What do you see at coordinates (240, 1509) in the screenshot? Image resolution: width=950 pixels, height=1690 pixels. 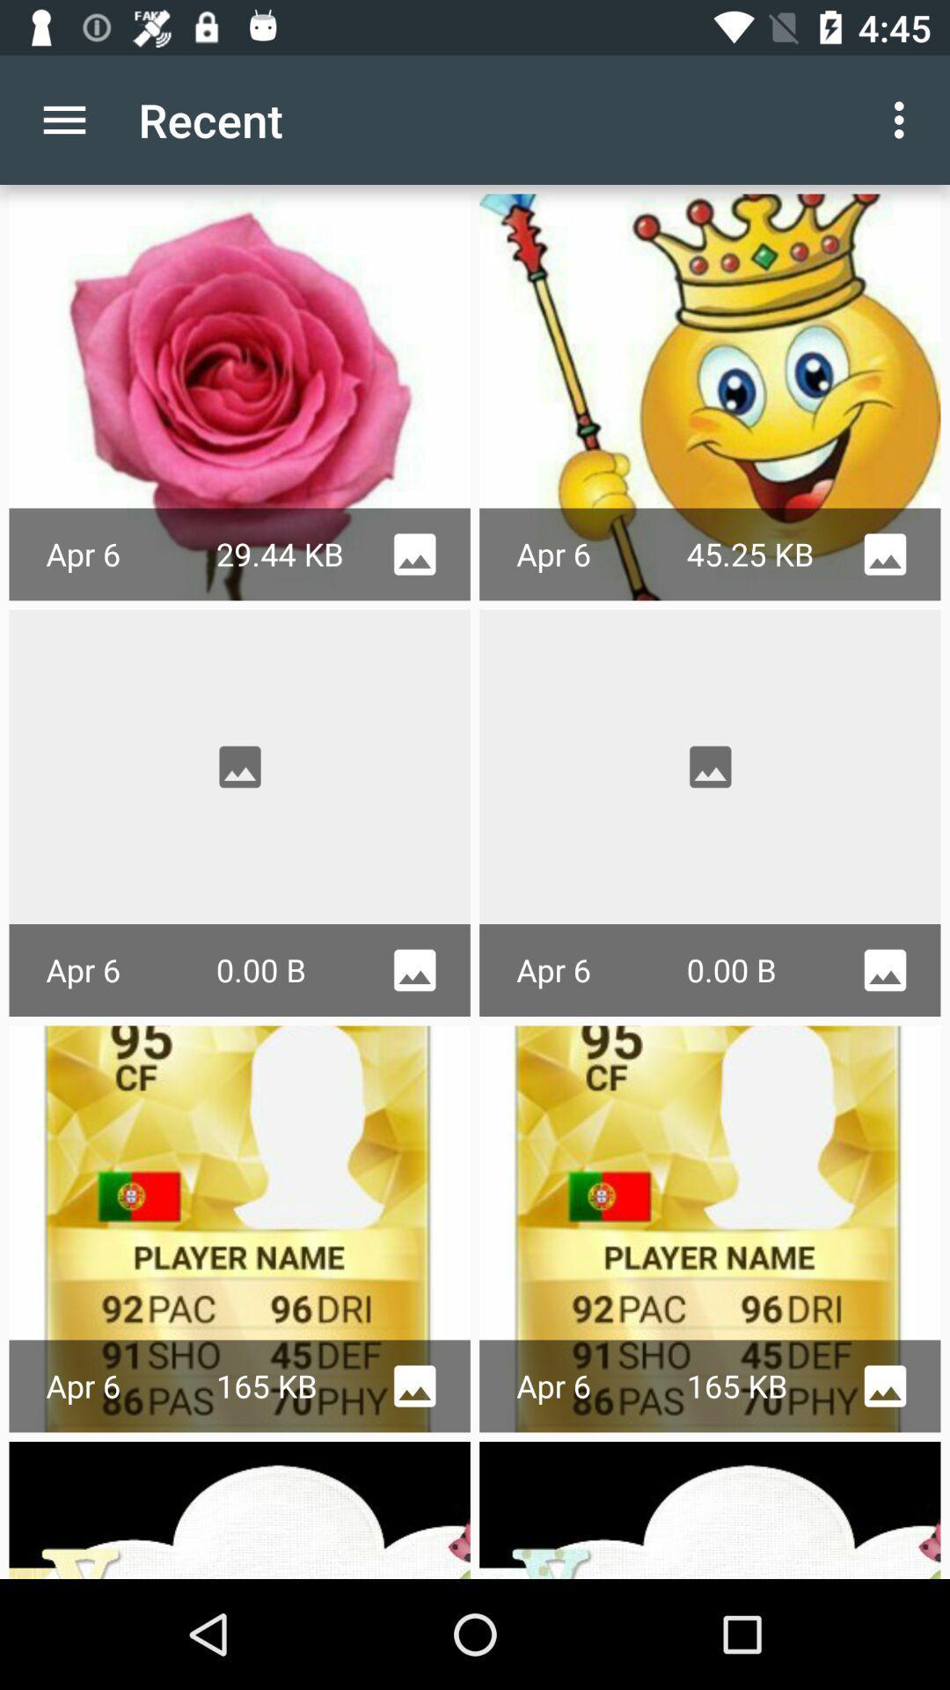 I see `the first image which is on the bottom left corner of page` at bounding box center [240, 1509].